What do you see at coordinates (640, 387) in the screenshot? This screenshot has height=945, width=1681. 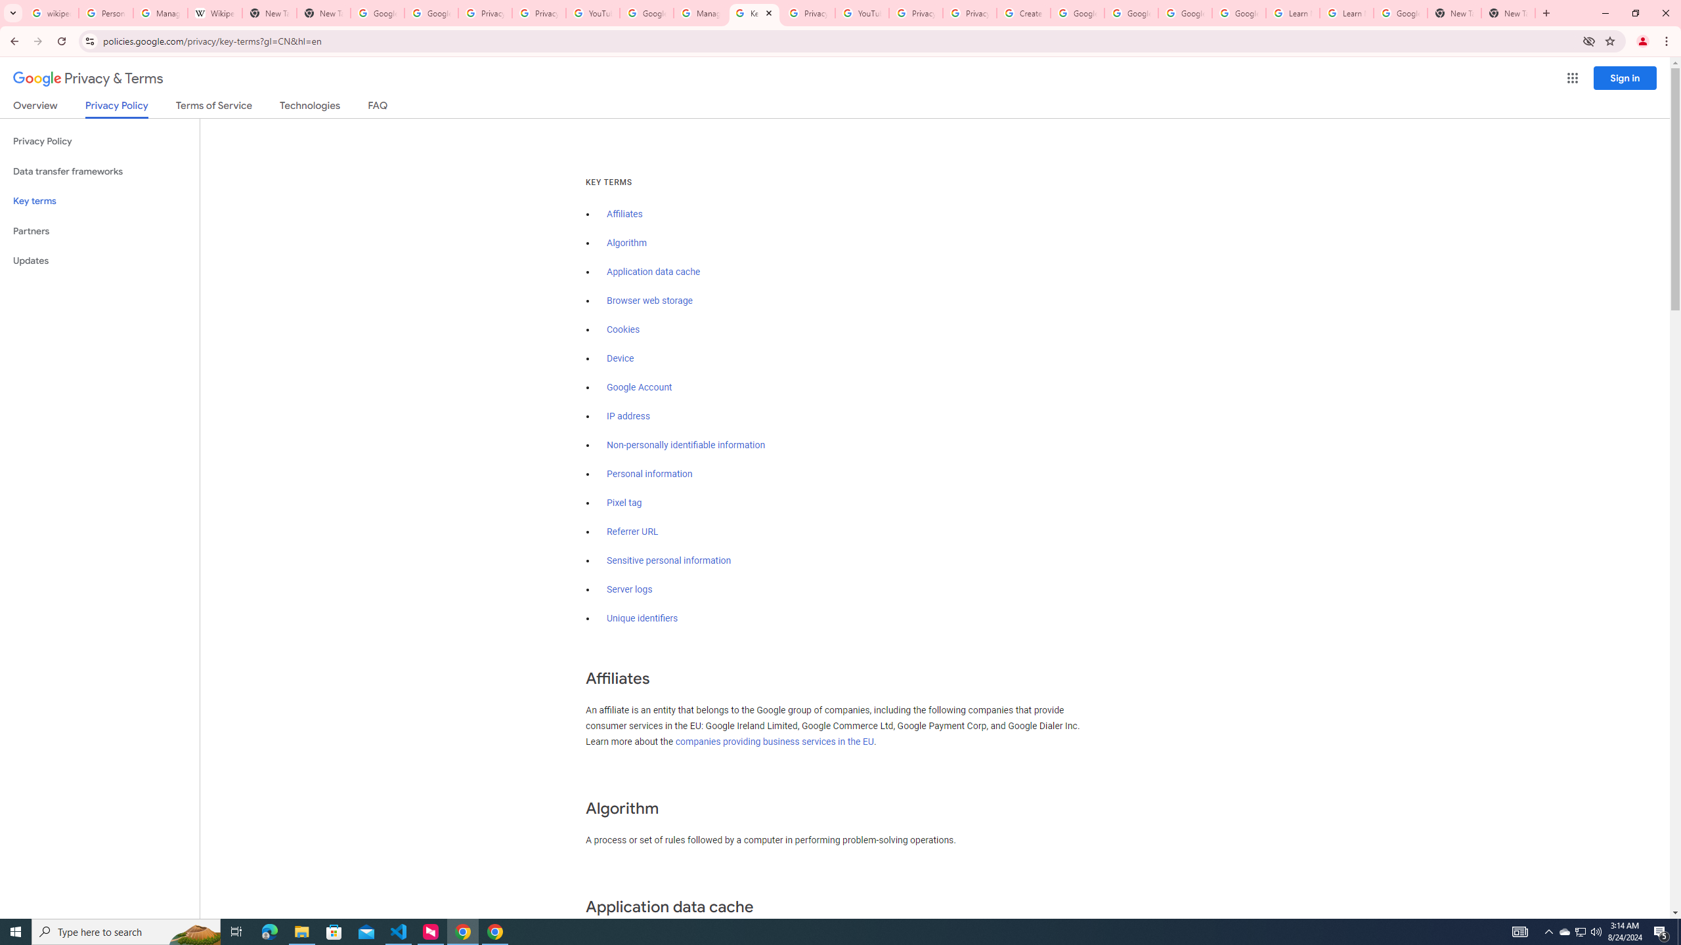 I see `'Google Account'` at bounding box center [640, 387].